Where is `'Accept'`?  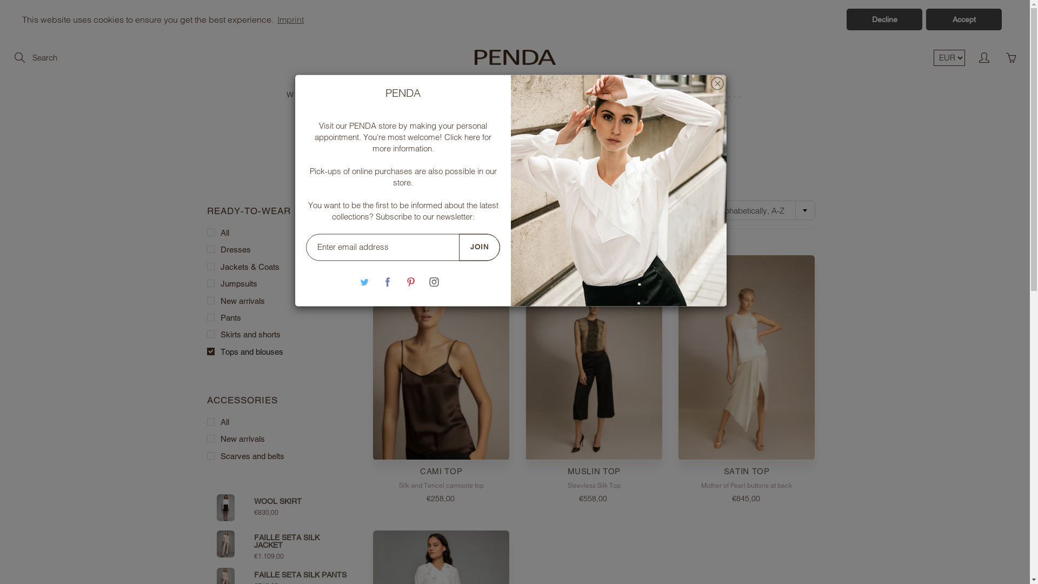 'Accept' is located at coordinates (963, 19).